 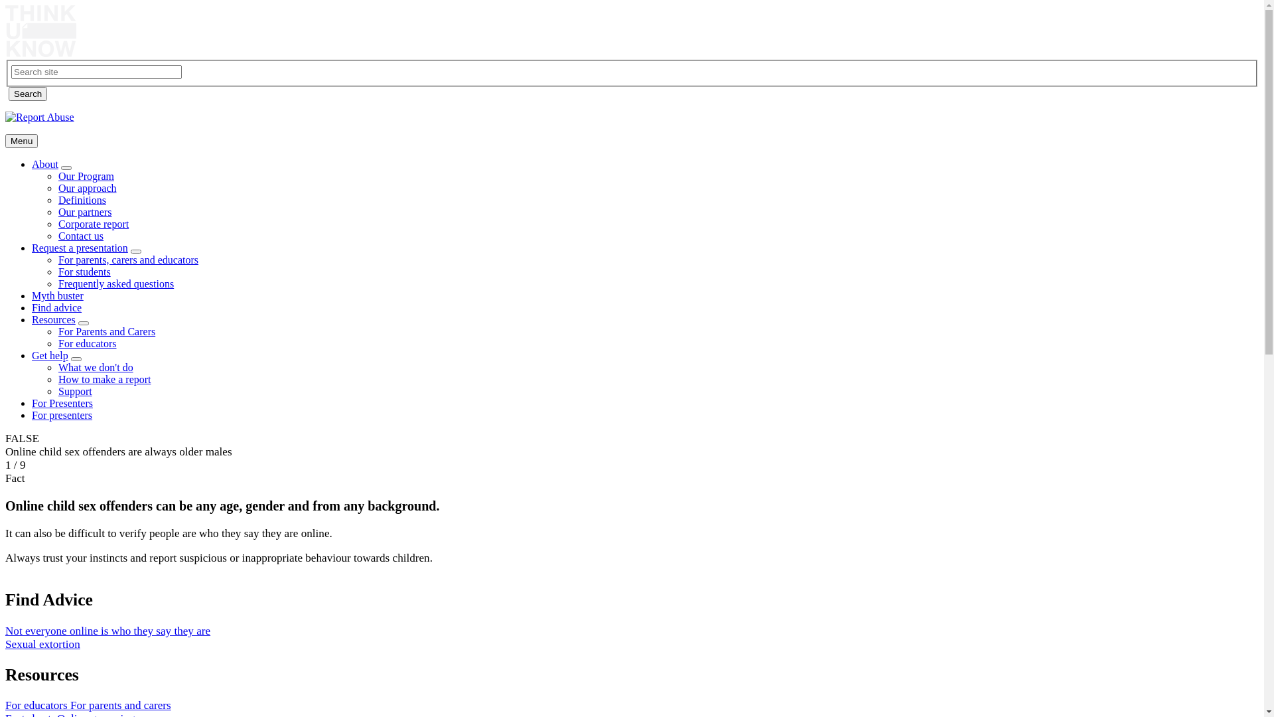 I want to click on 'Corporate report', so click(x=57, y=223).